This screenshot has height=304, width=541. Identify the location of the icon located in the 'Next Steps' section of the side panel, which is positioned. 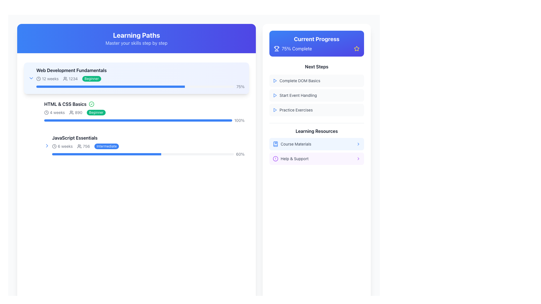
(275, 110).